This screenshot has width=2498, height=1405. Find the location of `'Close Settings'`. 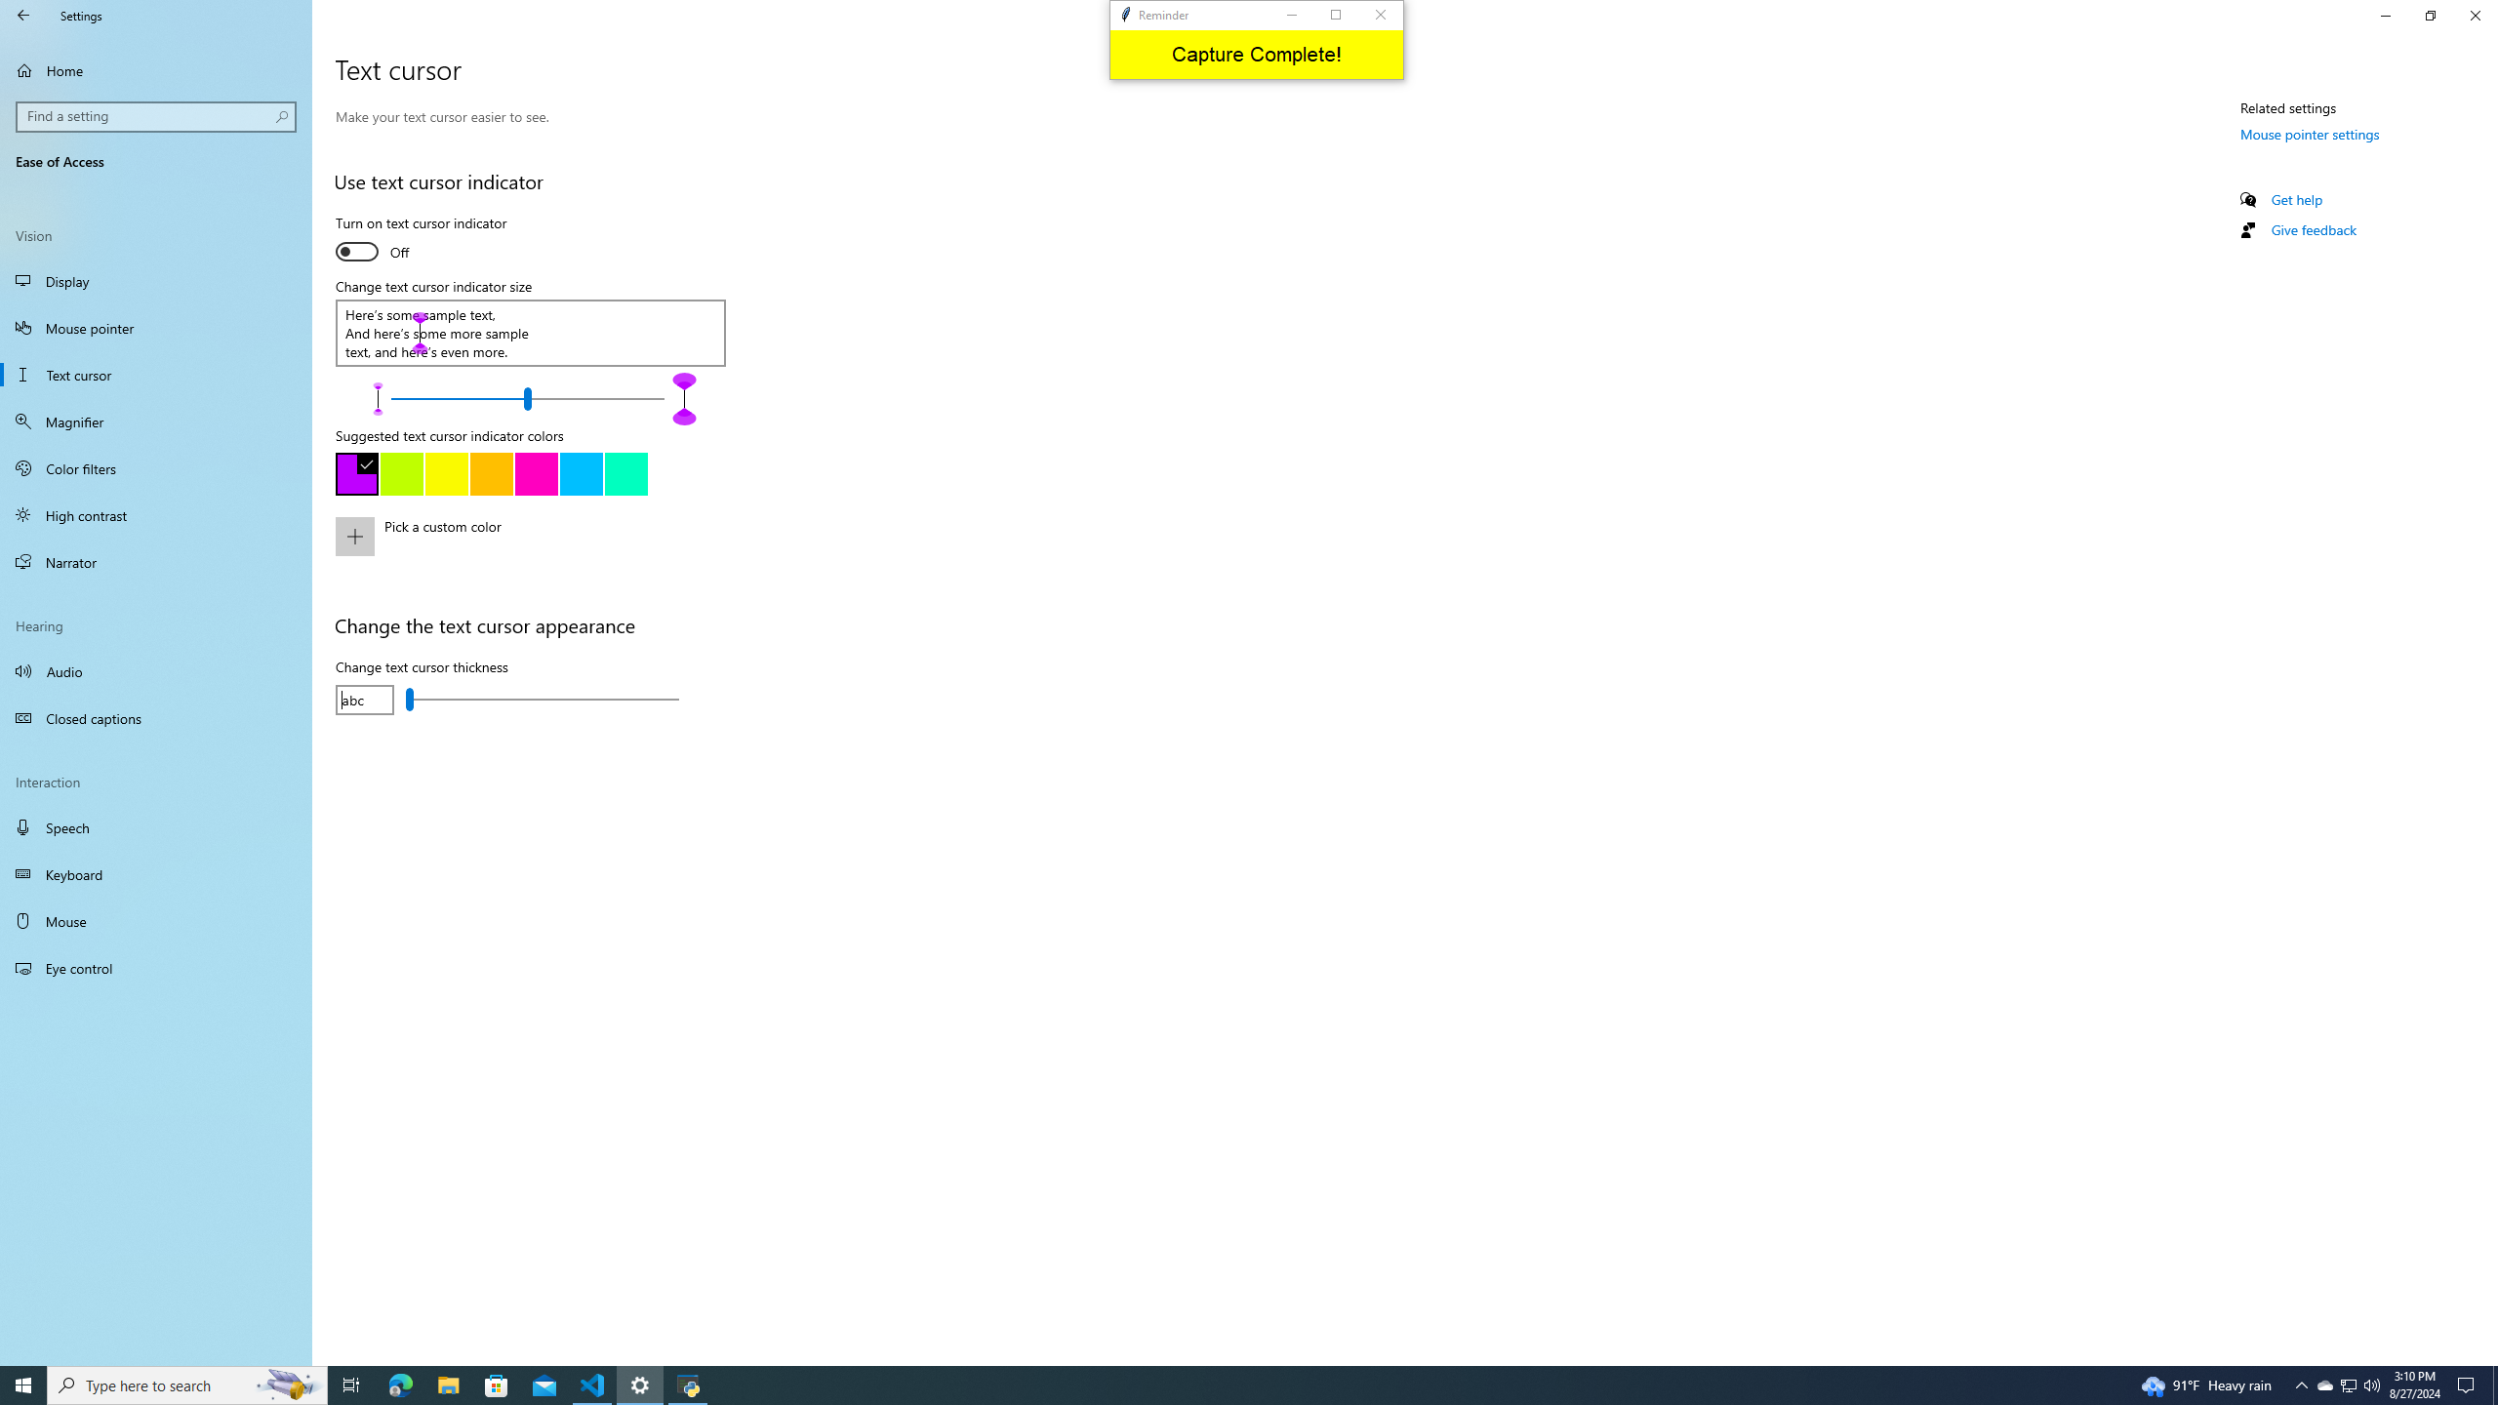

'Close Settings' is located at coordinates (2474, 15).